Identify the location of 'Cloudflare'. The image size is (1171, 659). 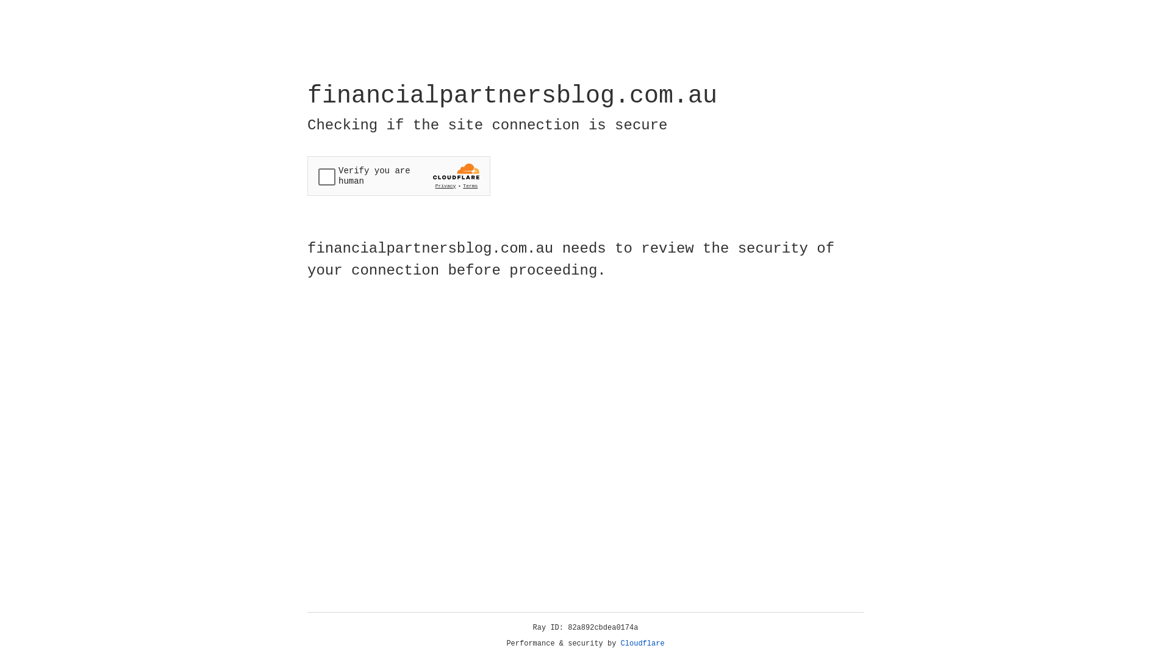
(642, 643).